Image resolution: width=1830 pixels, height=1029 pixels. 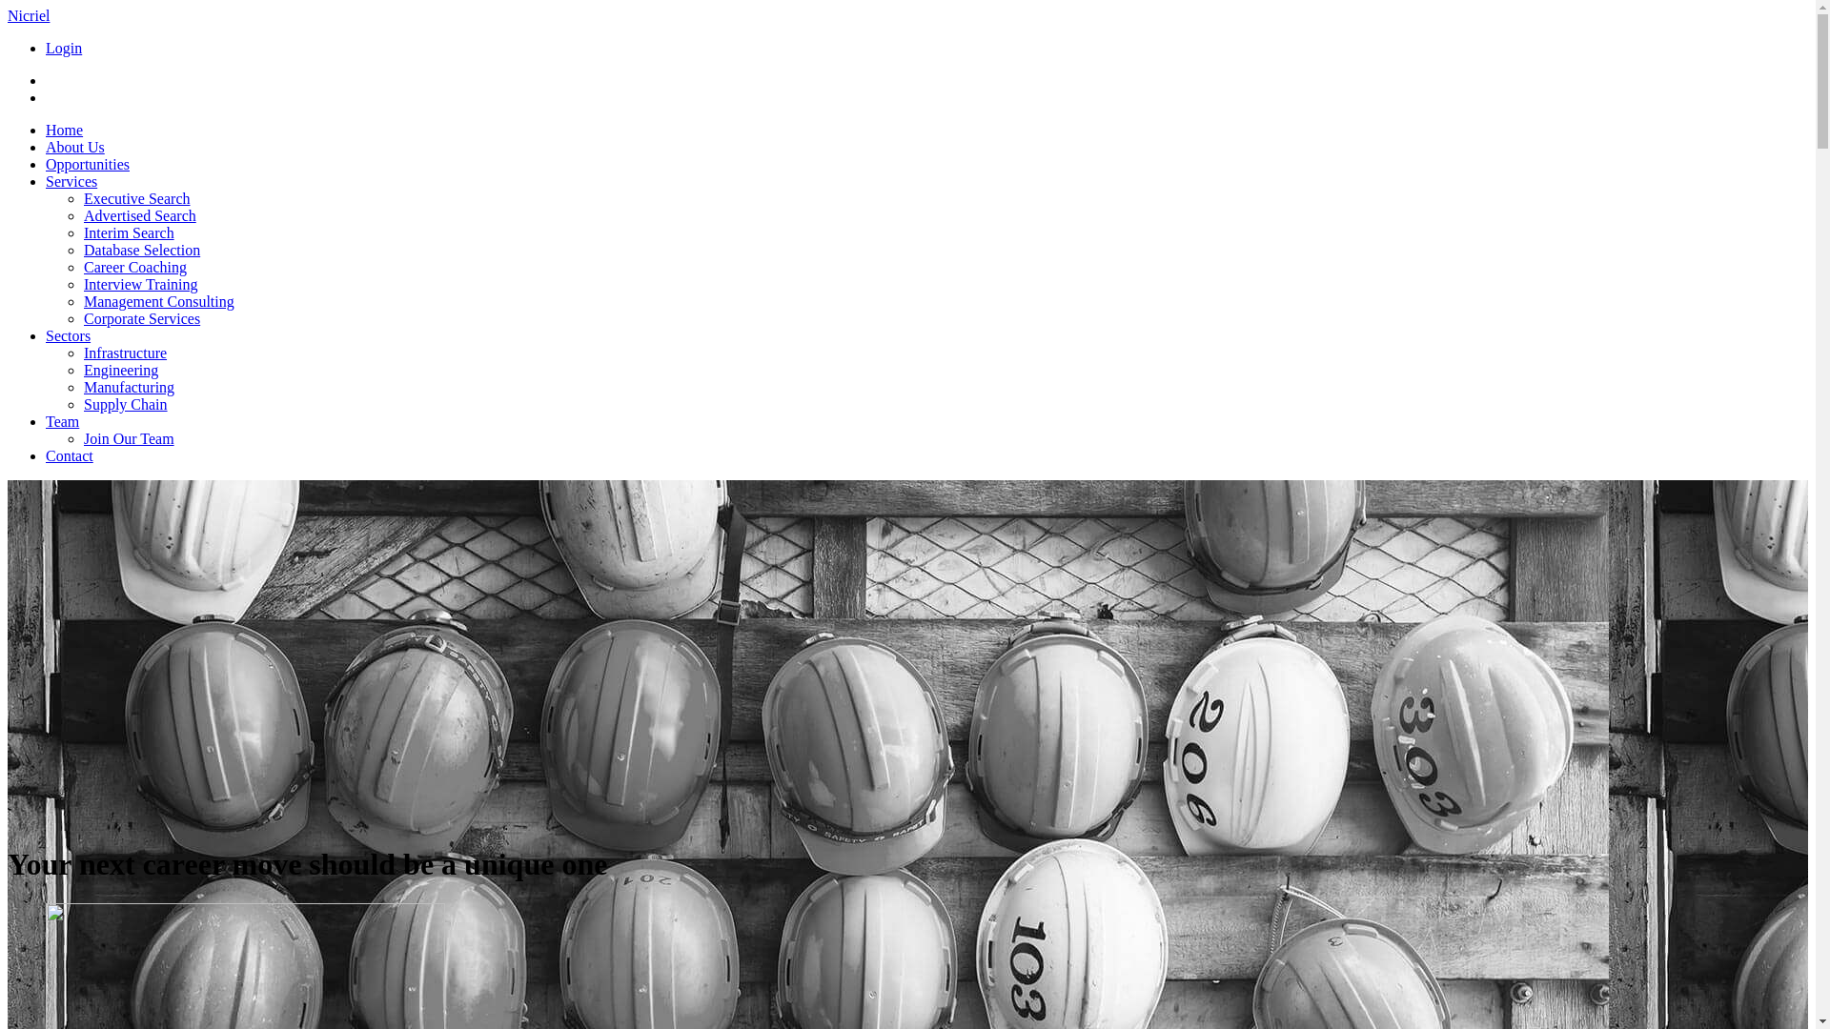 What do you see at coordinates (68, 334) in the screenshot?
I see `'Sectors'` at bounding box center [68, 334].